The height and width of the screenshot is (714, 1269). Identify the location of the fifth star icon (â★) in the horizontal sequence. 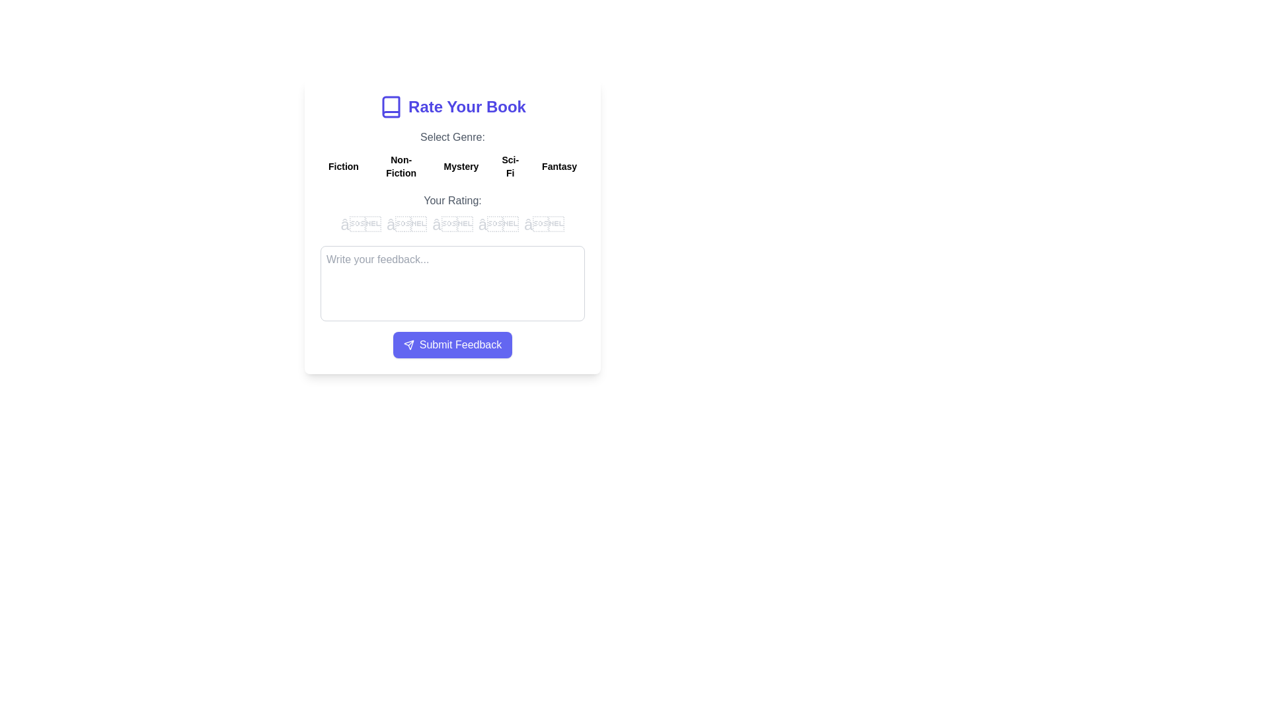
(544, 223).